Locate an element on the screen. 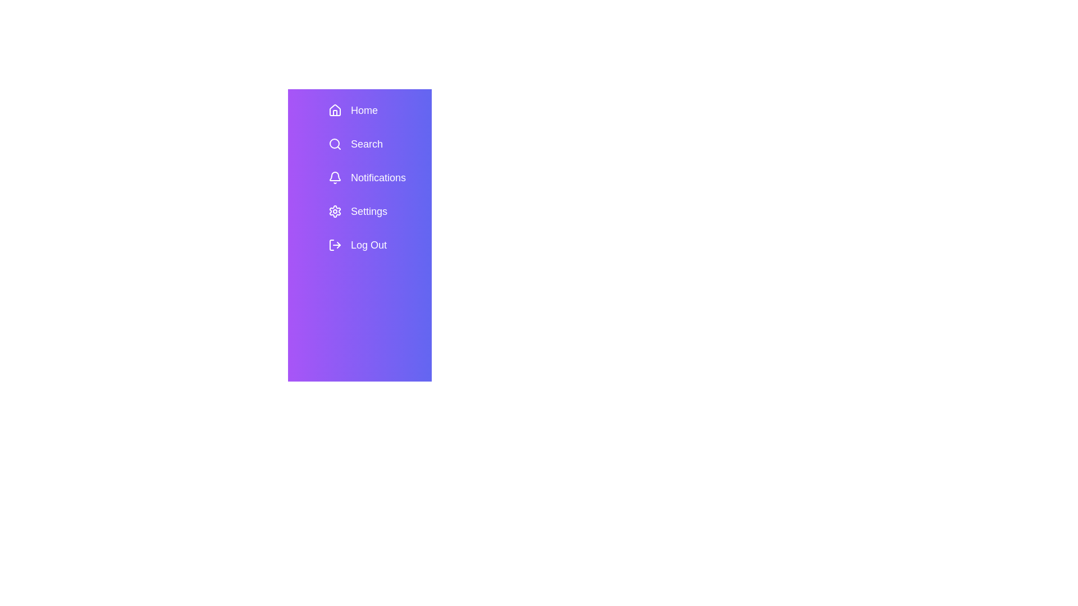 The width and height of the screenshot is (1078, 606). the menu item Notifications in the SidebarMenu is located at coordinates (375, 177).